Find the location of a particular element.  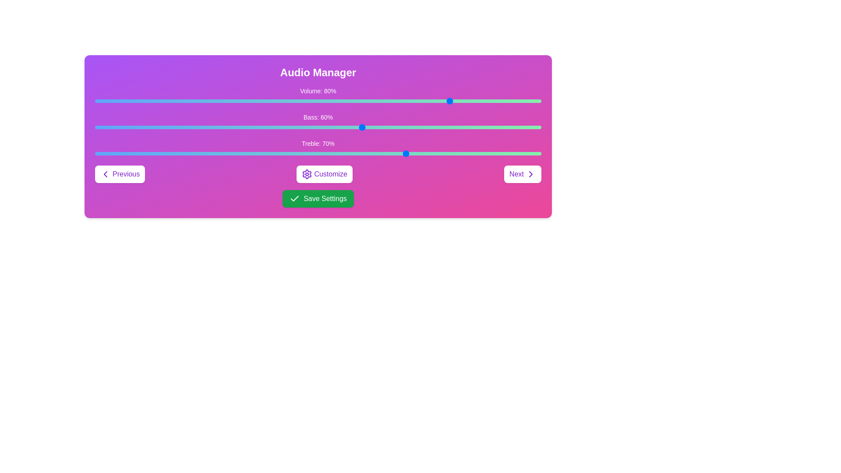

the non-interactive text label that indicates the current level of treble, which is set at 70% is located at coordinates (318, 143).